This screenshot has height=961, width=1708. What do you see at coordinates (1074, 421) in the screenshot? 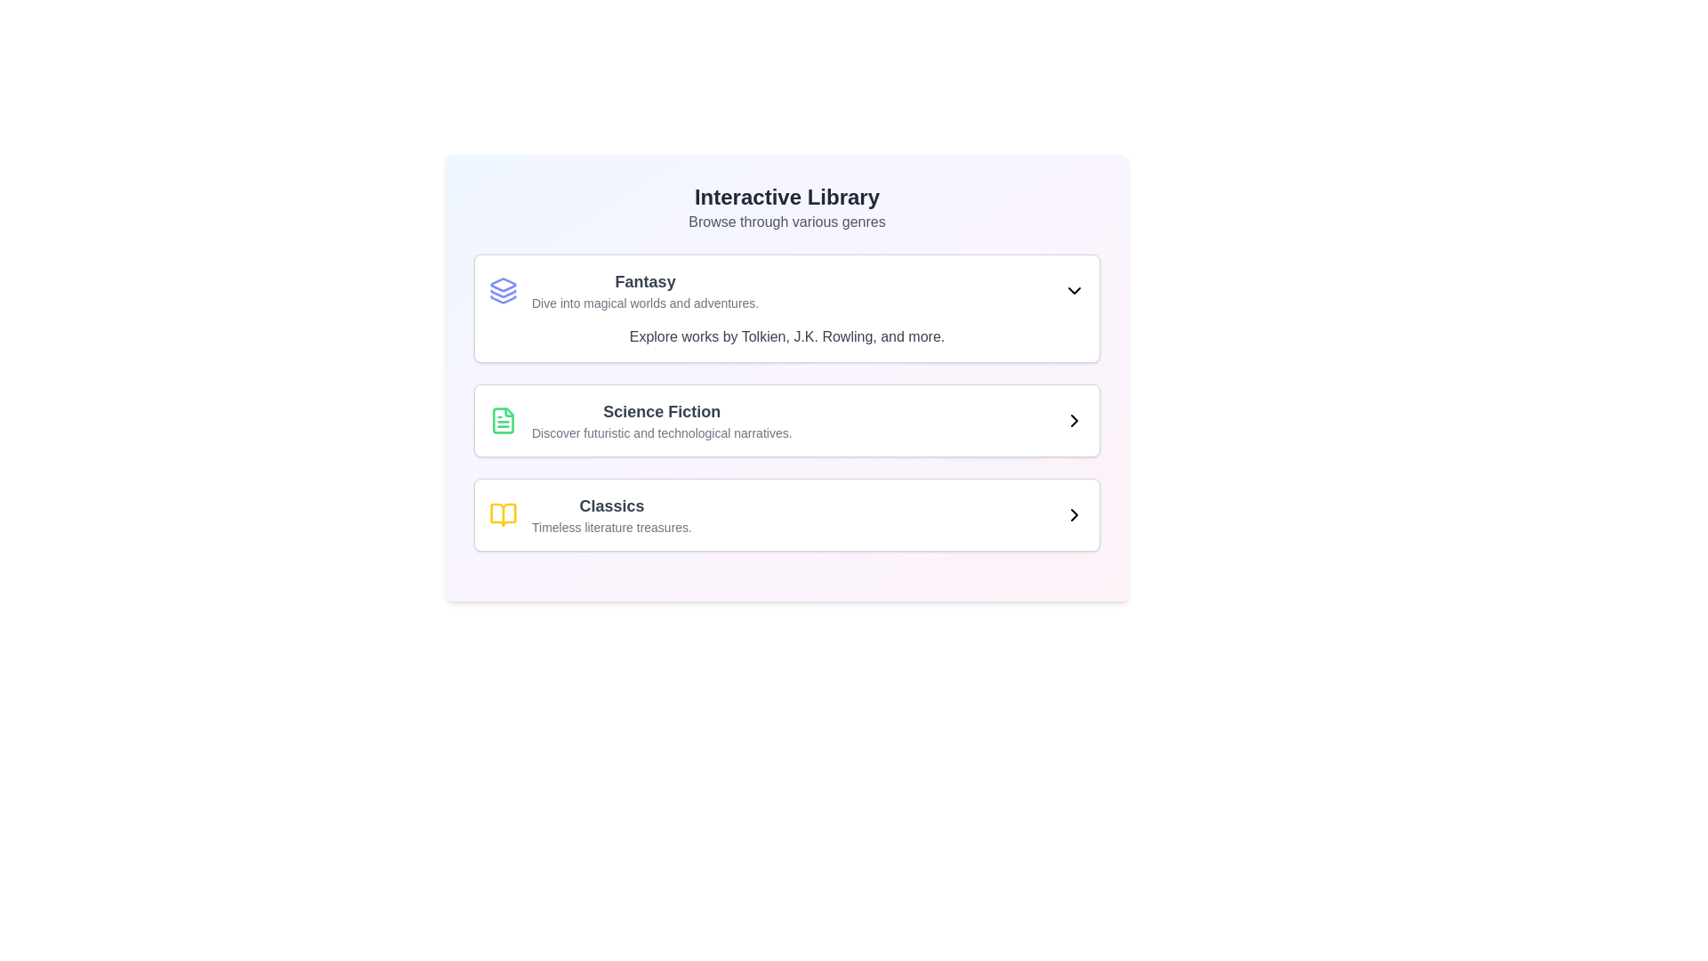
I see `the chevron icon located` at bounding box center [1074, 421].